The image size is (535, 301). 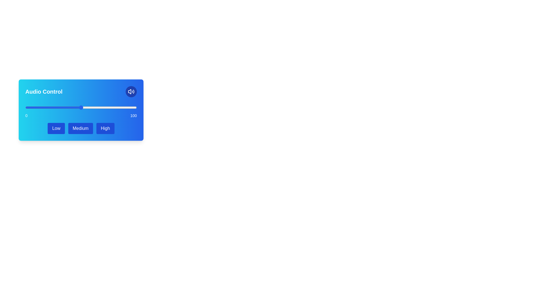 I want to click on the volume icon located in the top-right corner of the 'Audio Control' interface, so click(x=131, y=91).